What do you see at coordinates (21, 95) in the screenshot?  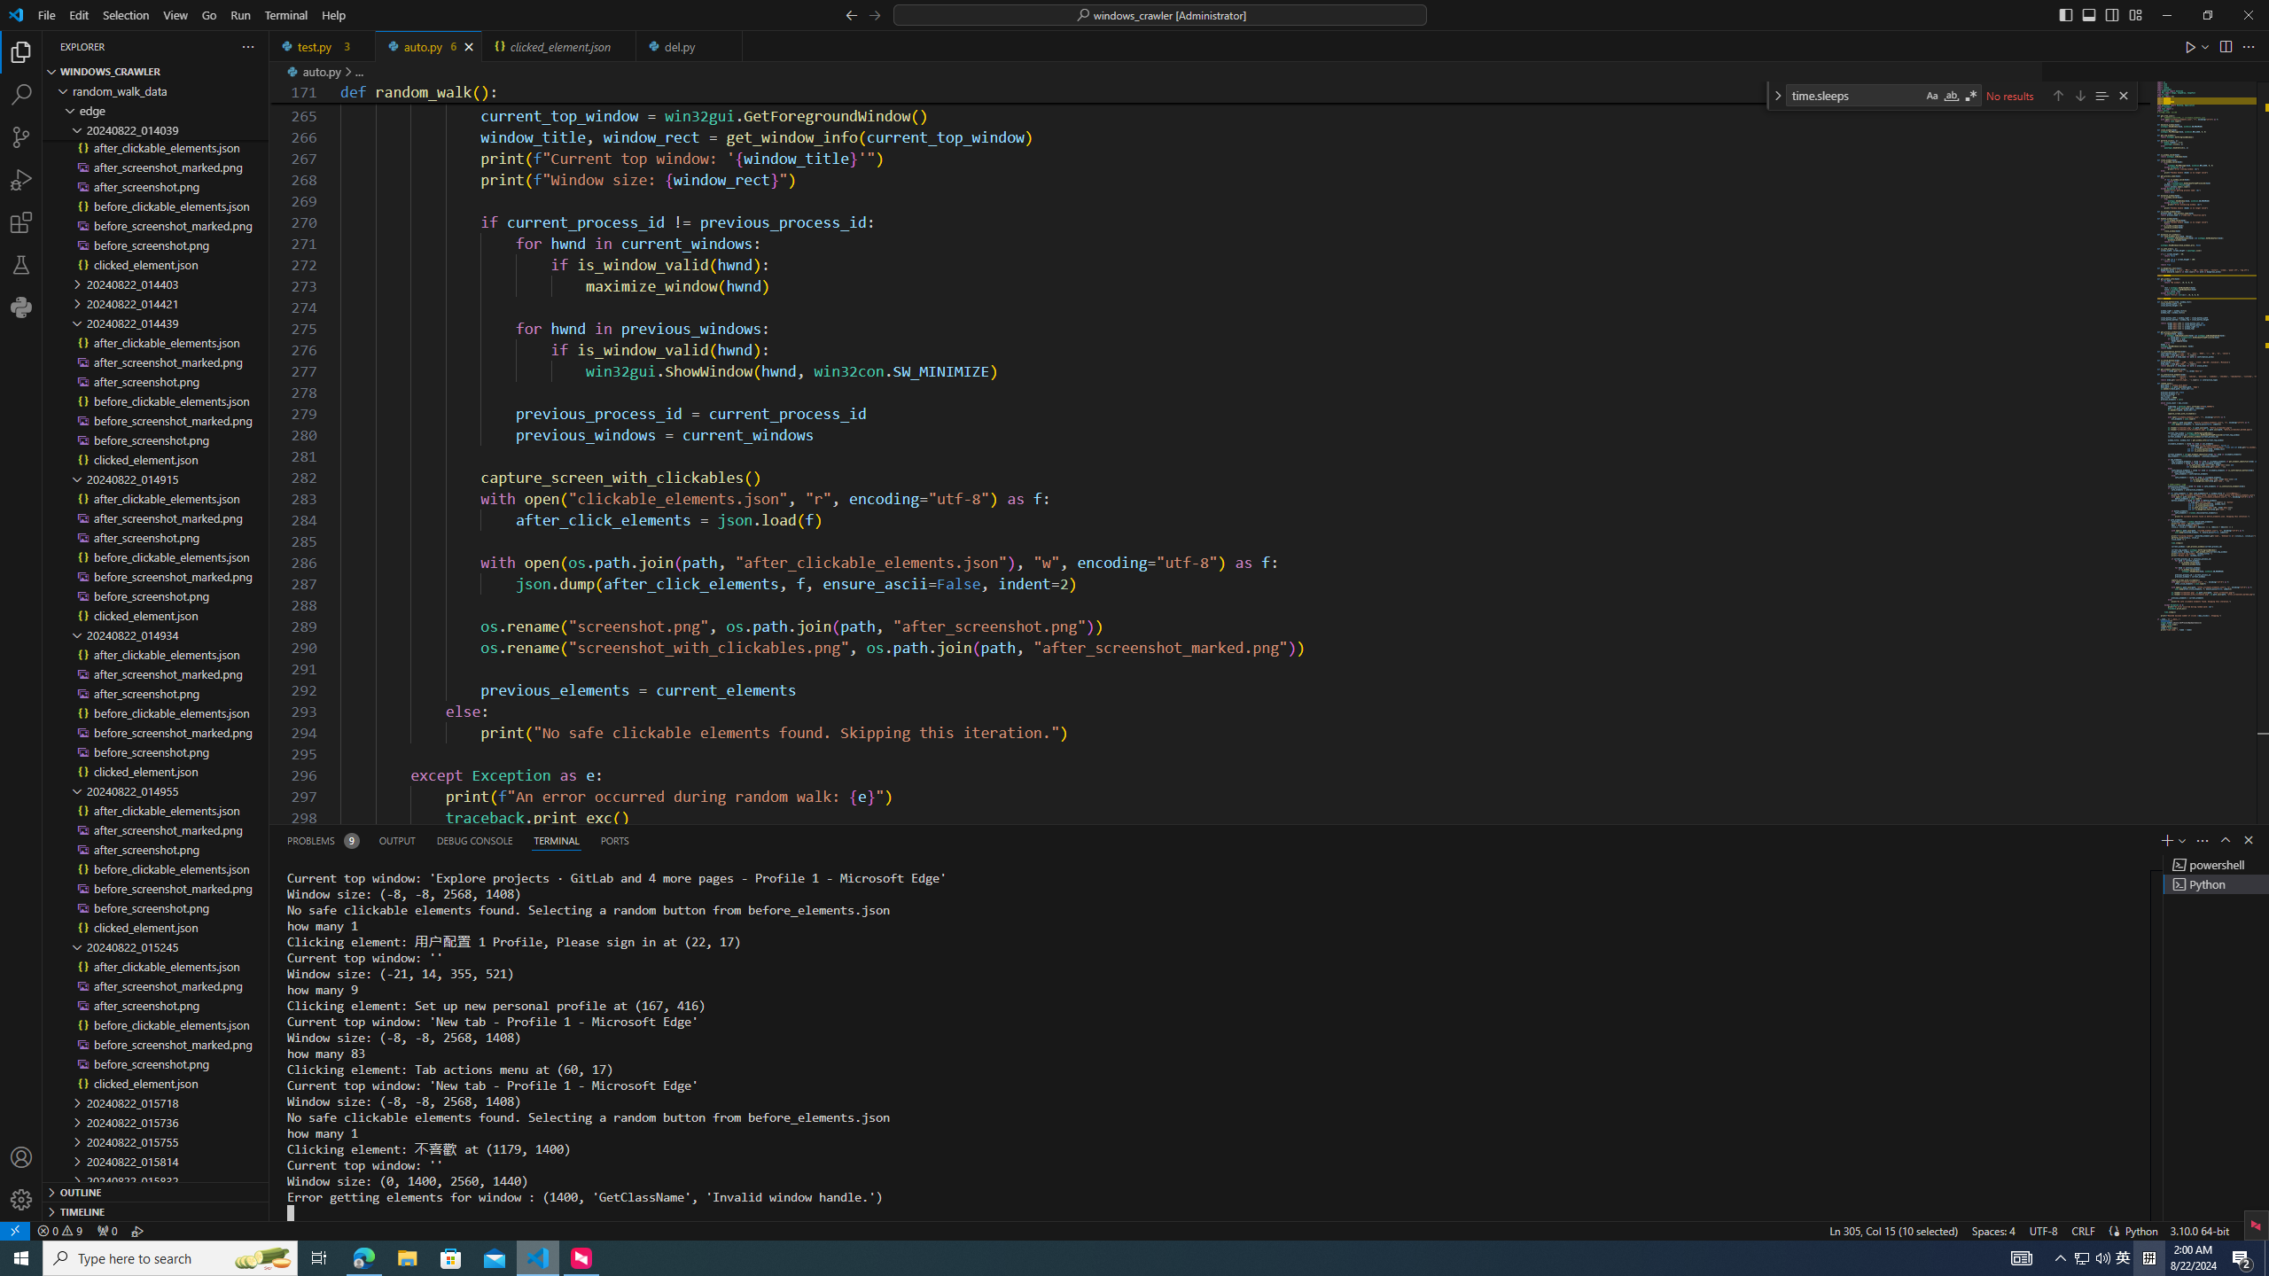 I see `'Search (Ctrl+Shift+F)'` at bounding box center [21, 95].